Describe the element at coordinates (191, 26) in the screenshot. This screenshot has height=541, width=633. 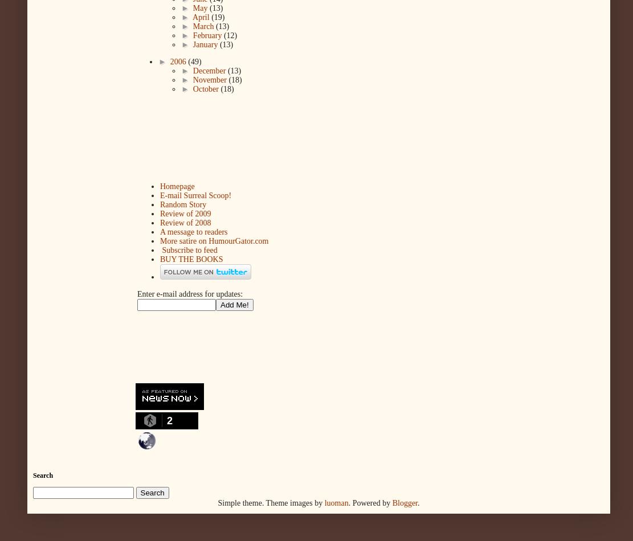
I see `'March'` at that location.